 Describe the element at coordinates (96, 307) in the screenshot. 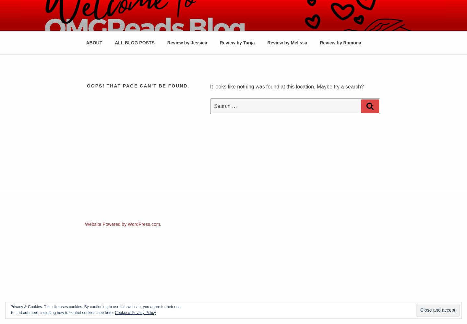

I see `'Privacy & Cookies: This site uses cookies. By continuing to use this website, you agree to their use.'` at that location.